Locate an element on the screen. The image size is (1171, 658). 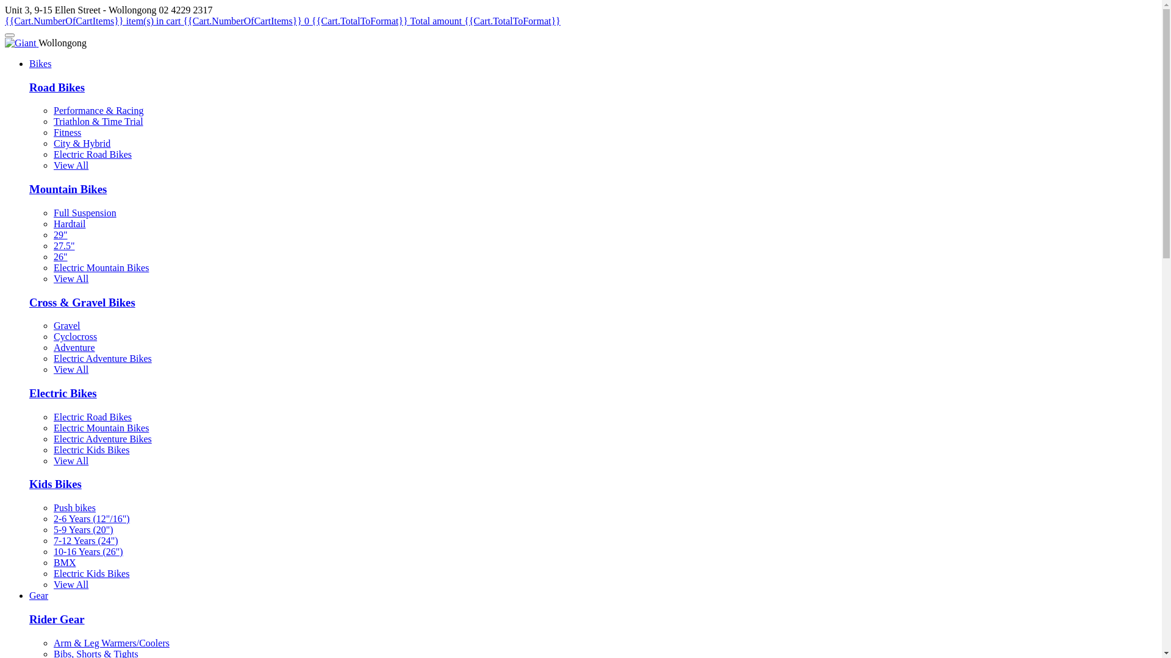
'Performance & Racing' is located at coordinates (99, 110).